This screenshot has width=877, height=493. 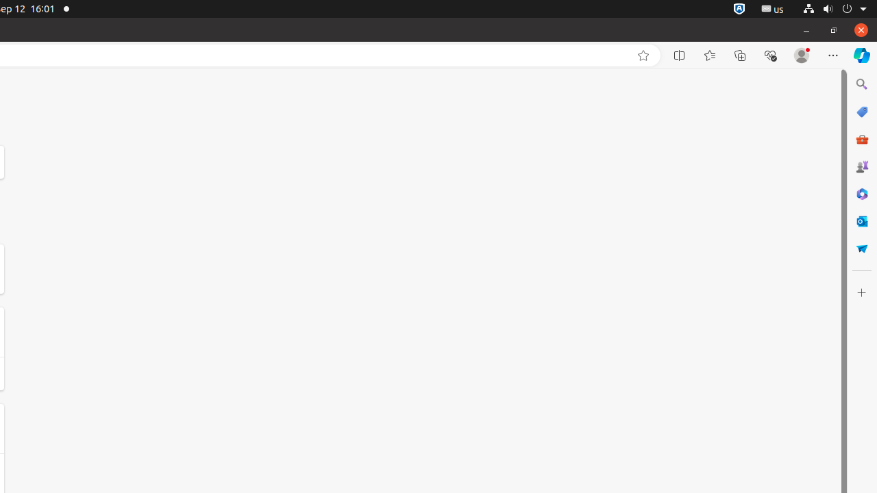 What do you see at coordinates (861, 166) in the screenshot?
I see `'Games'` at bounding box center [861, 166].